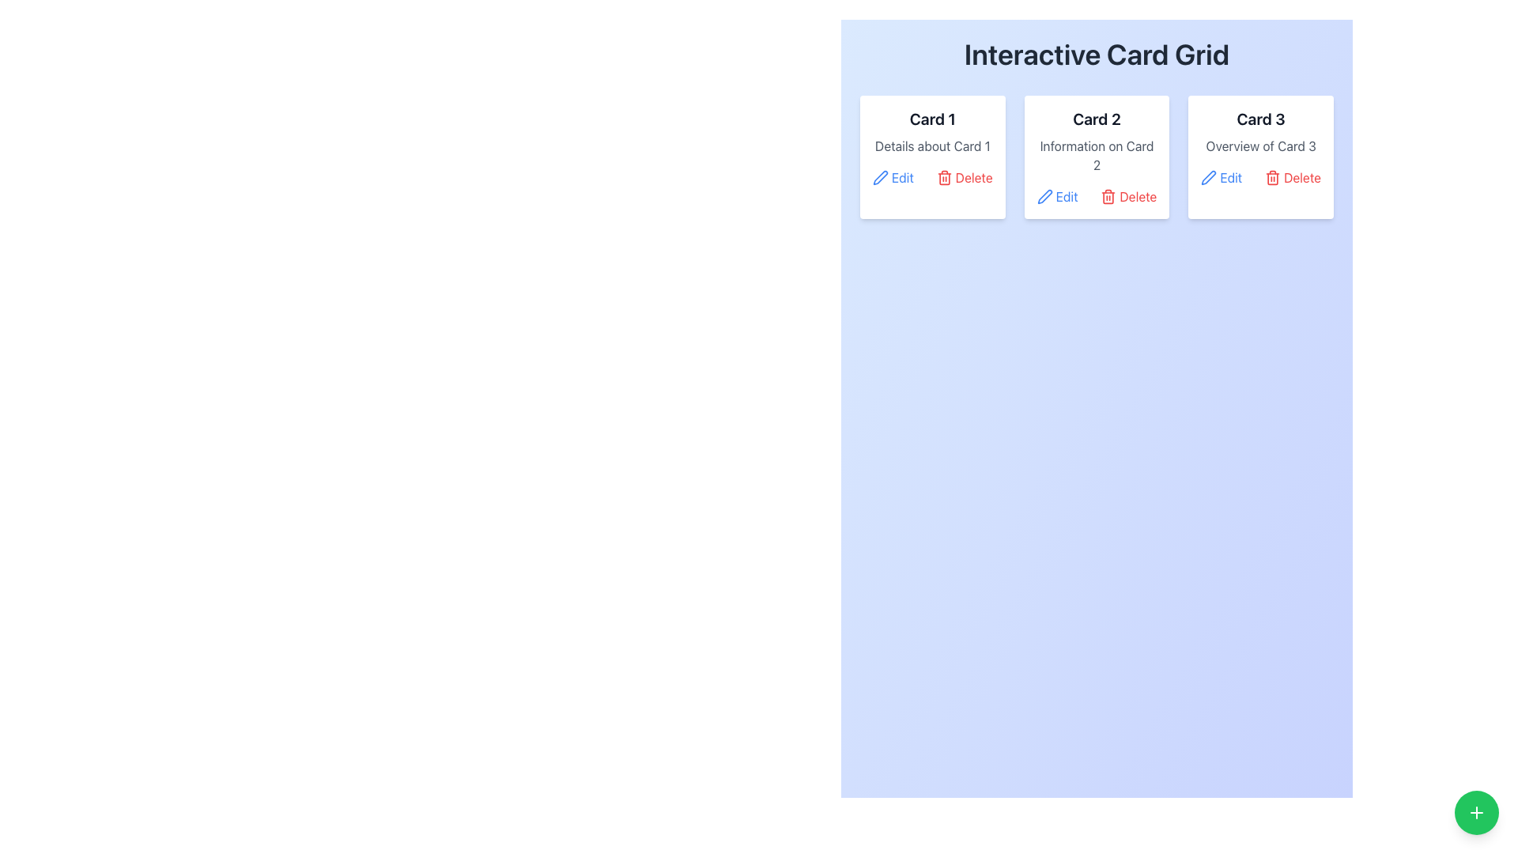 This screenshot has height=854, width=1518. What do you see at coordinates (1475, 813) in the screenshot?
I see `the circular green button containing the white 'plus' icon in the bottom-right corner to observe the hover effect` at bounding box center [1475, 813].